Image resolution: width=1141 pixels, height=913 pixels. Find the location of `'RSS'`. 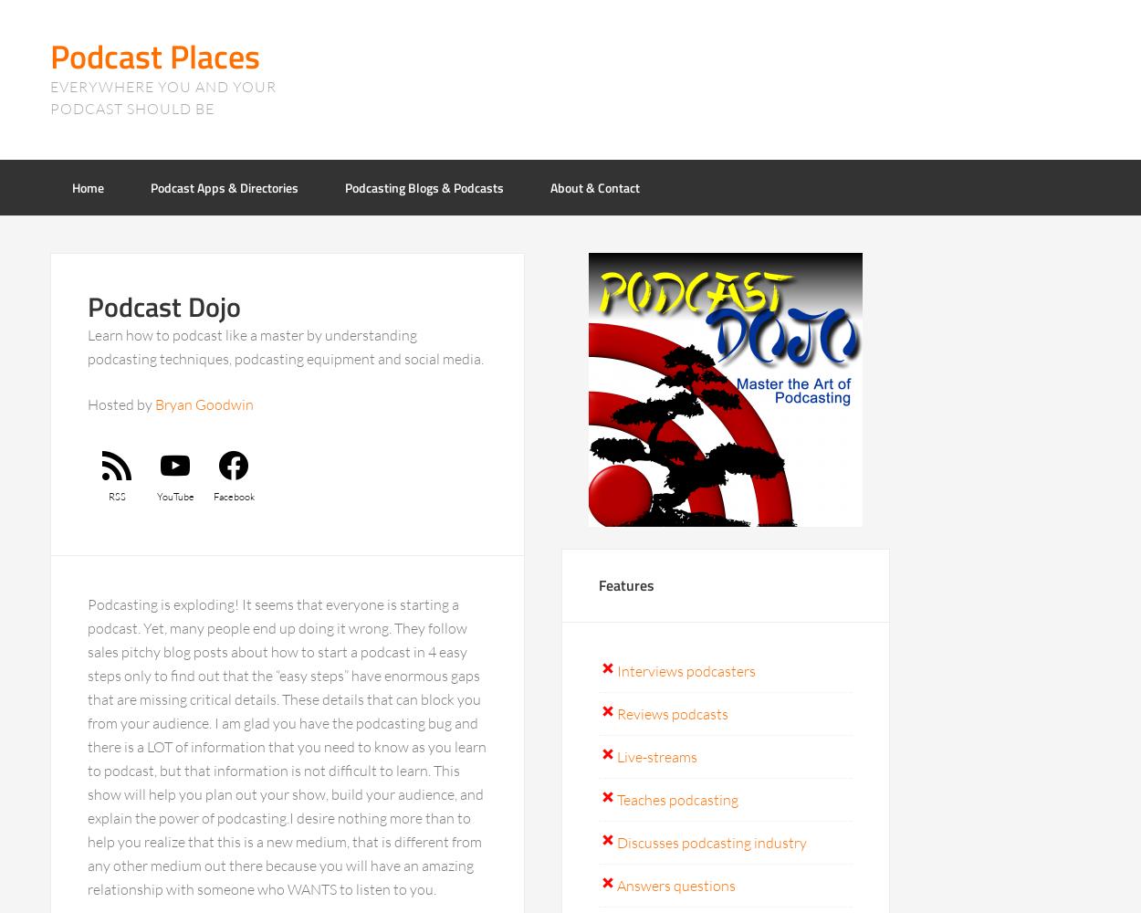

'RSS' is located at coordinates (116, 497).